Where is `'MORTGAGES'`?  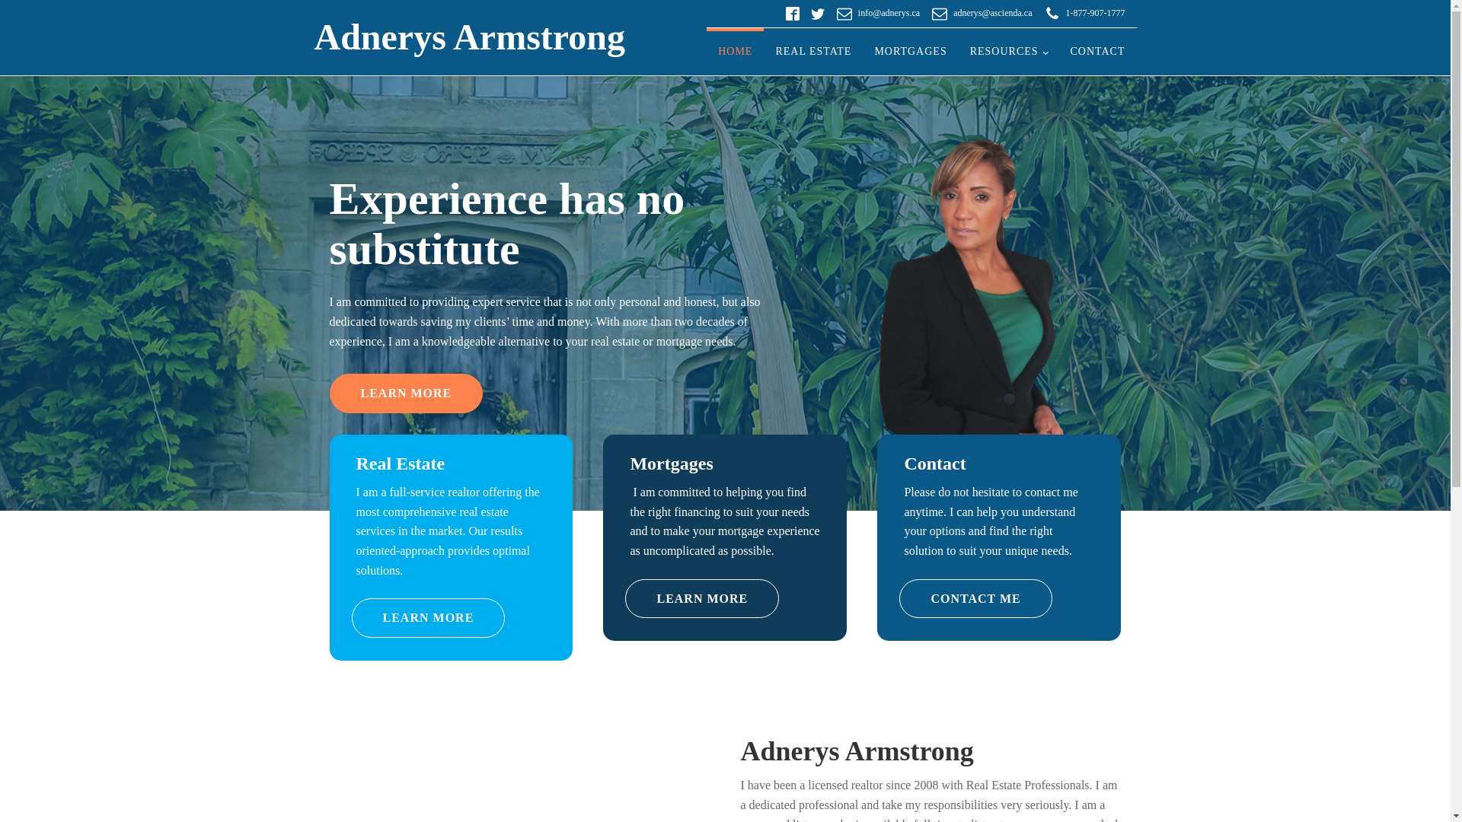
'MORTGAGES' is located at coordinates (910, 51).